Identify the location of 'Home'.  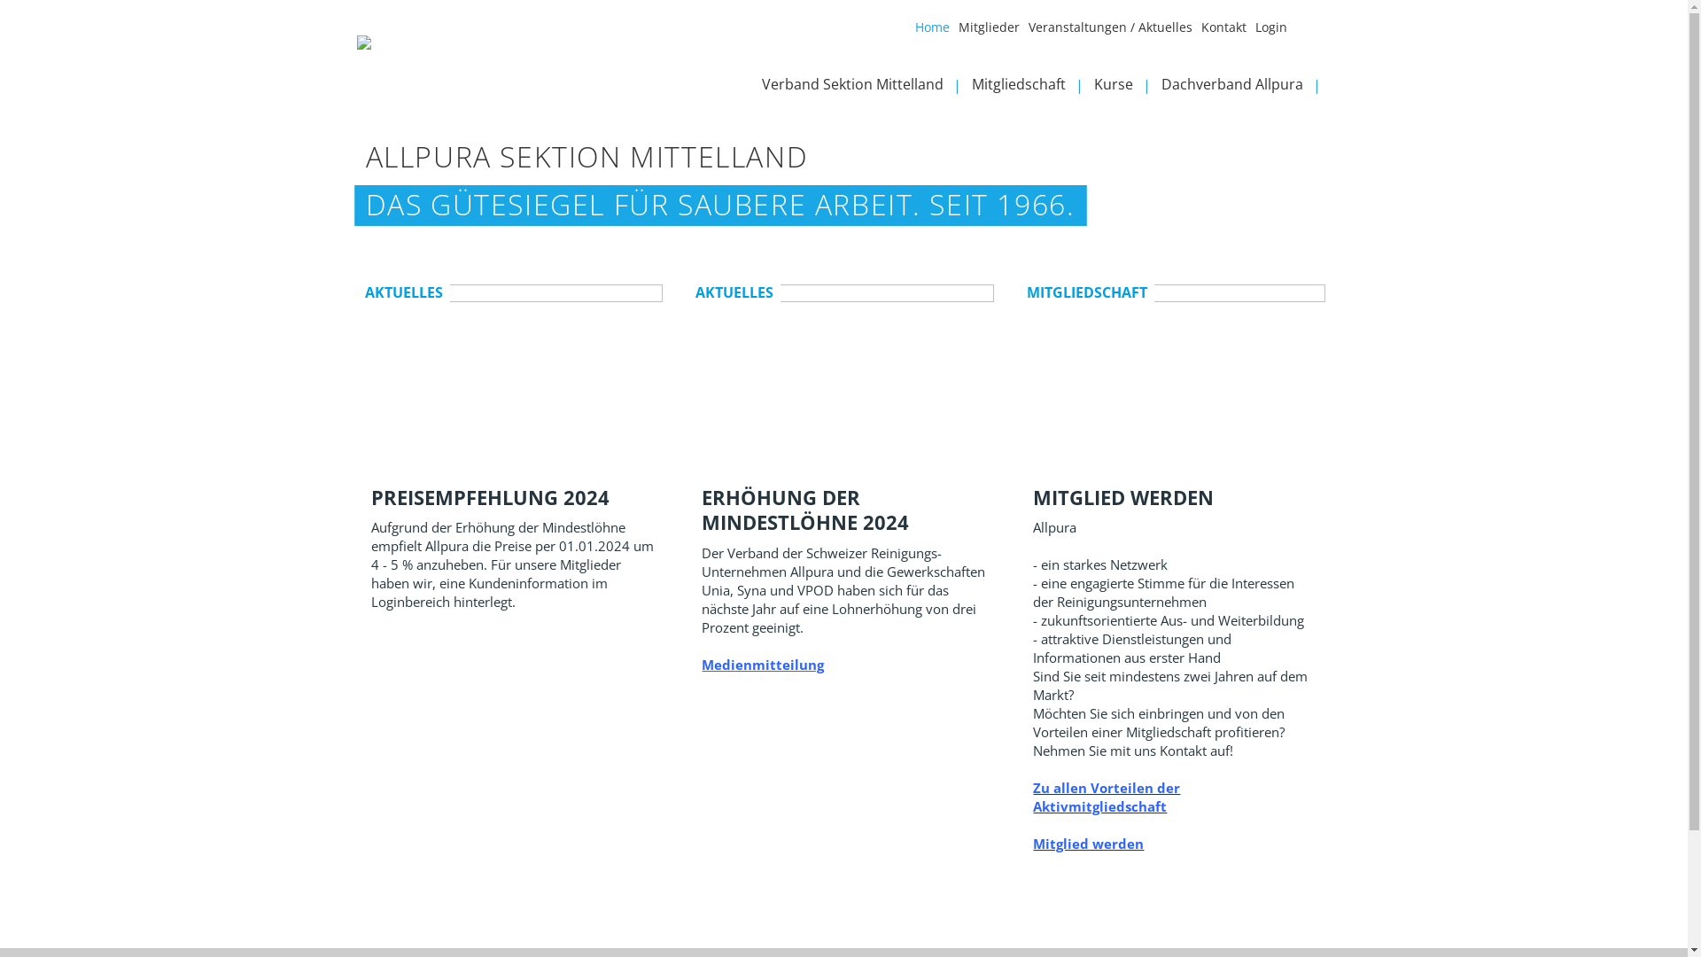
(935, 30).